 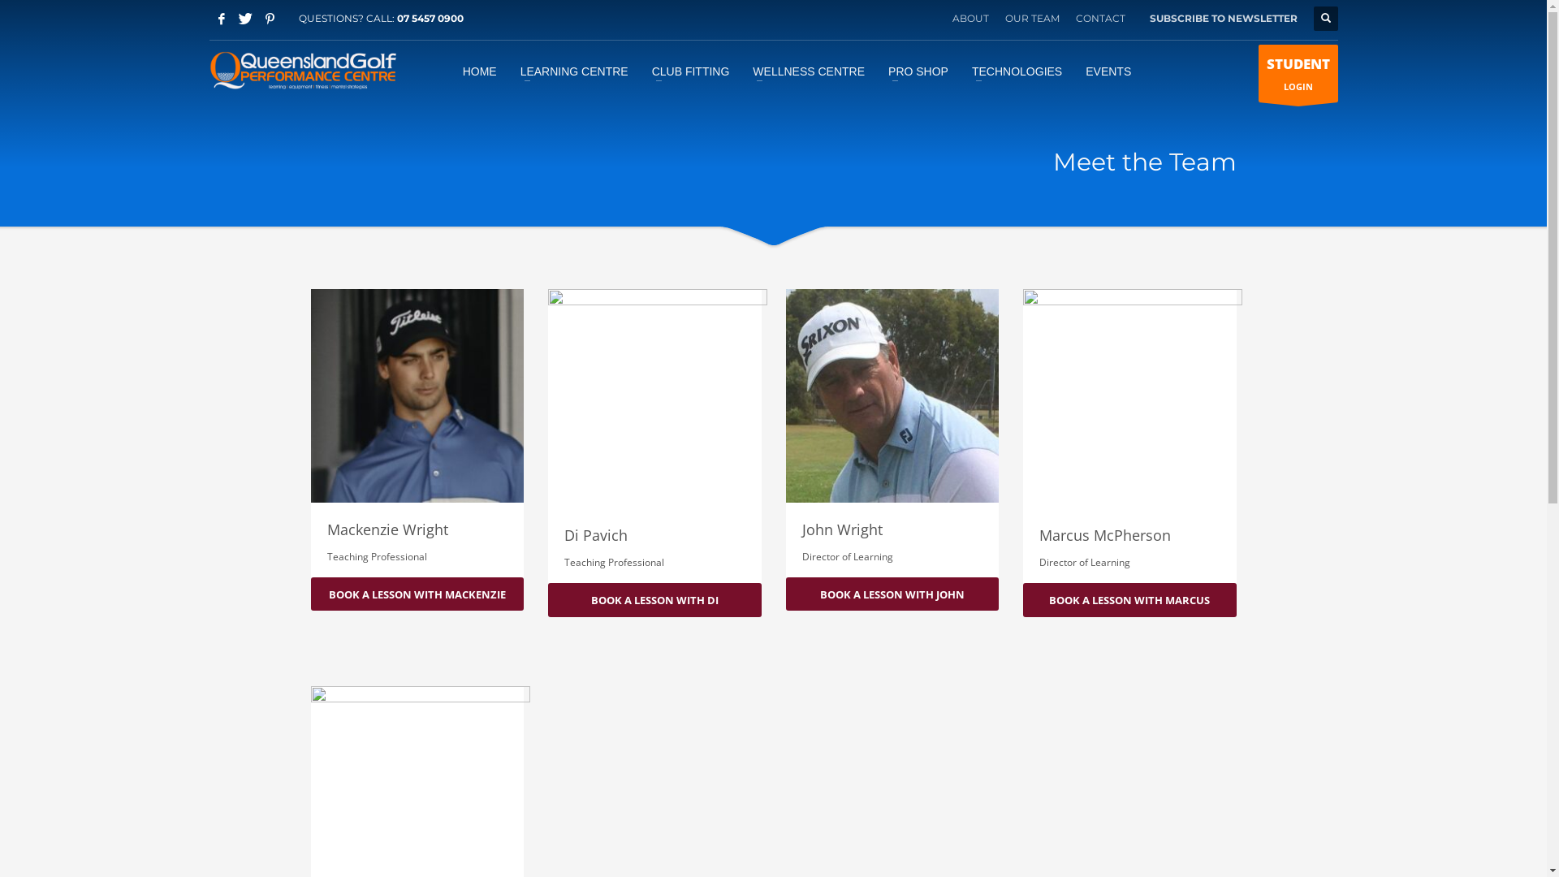 What do you see at coordinates (892, 594) in the screenshot?
I see `'BOOK A LESSON WITH JOHN'` at bounding box center [892, 594].